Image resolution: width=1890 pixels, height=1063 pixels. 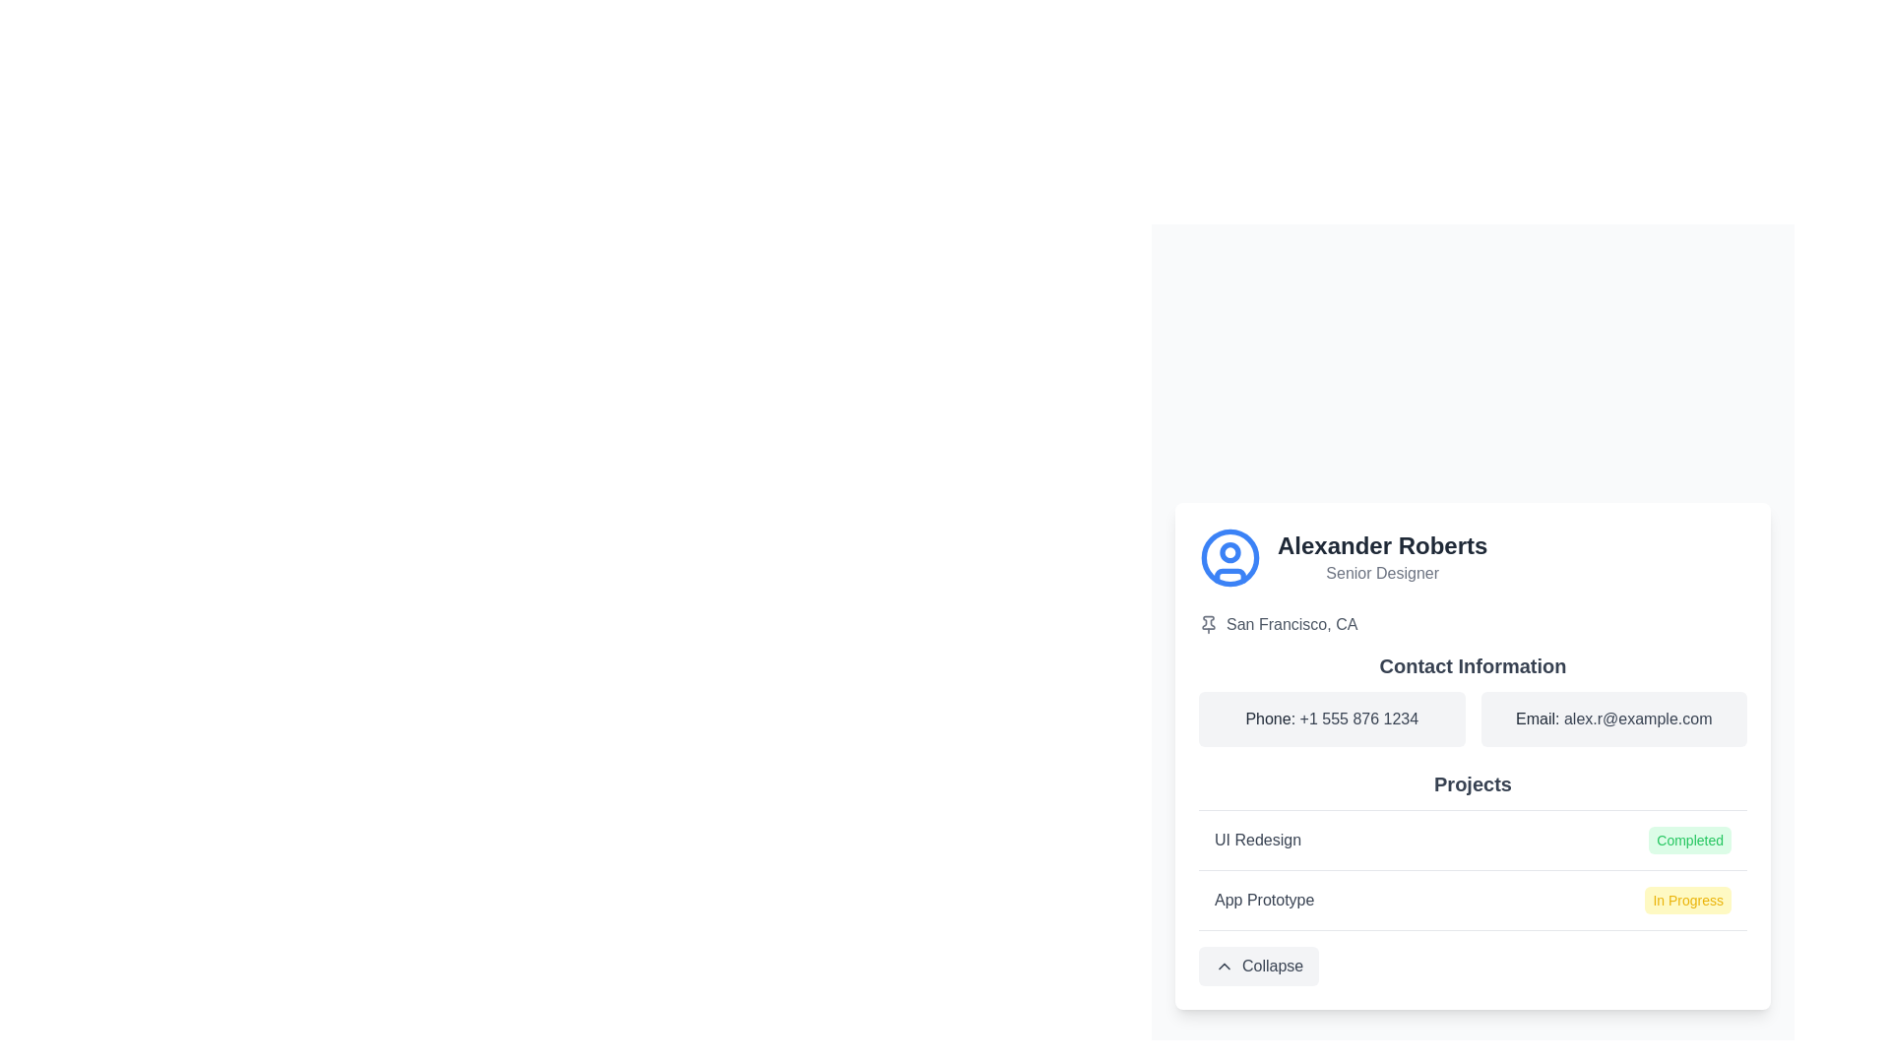 What do you see at coordinates (1256, 840) in the screenshot?
I see `the text label that displays the project title 'UI Redesign', located next to the green badge labeled 'Completed' in the 'Projects' section of the main card interface` at bounding box center [1256, 840].